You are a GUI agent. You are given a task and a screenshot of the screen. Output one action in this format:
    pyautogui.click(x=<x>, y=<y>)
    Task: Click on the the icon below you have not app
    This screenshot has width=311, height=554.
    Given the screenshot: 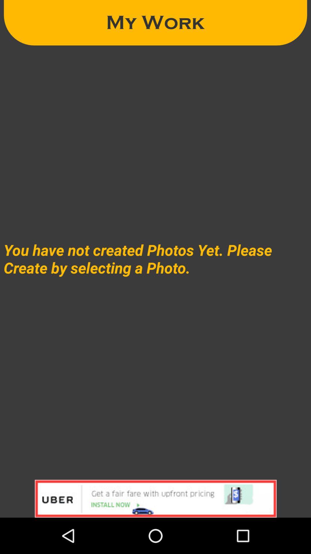 What is the action you would take?
    pyautogui.click(x=155, y=498)
    